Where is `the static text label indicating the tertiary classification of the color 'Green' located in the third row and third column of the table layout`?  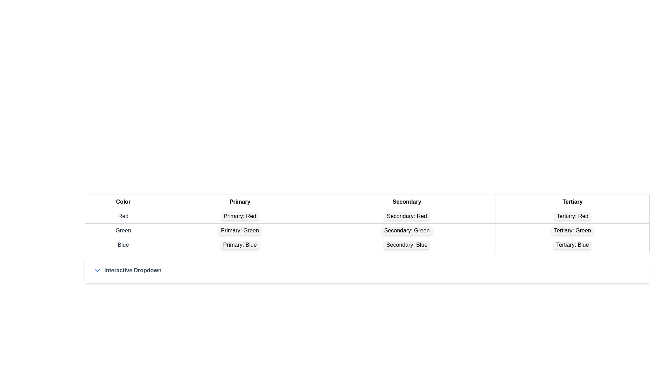 the static text label indicating the tertiary classification of the color 'Green' located in the third row and third column of the table layout is located at coordinates (572, 231).